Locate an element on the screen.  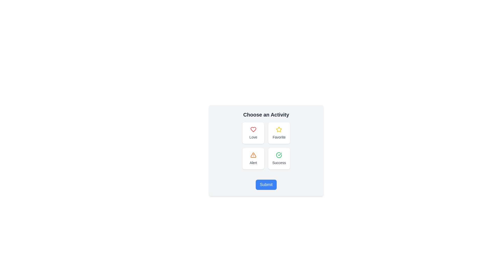
the green circular icon labeled 'Success' which contains a checkmark shape, located in the lower-right of a grid under 'Choose an Activity' is located at coordinates (280, 154).